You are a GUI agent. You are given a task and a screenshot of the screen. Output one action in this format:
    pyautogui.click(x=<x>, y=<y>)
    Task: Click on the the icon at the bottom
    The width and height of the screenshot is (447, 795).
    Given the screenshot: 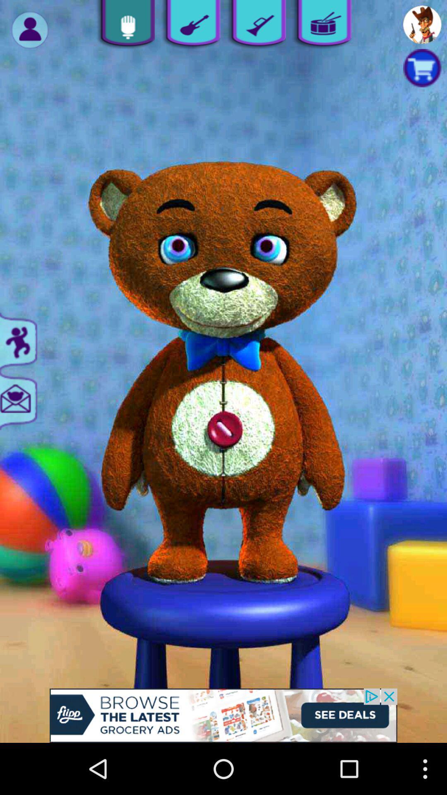 What is the action you would take?
    pyautogui.click(x=223, y=715)
    